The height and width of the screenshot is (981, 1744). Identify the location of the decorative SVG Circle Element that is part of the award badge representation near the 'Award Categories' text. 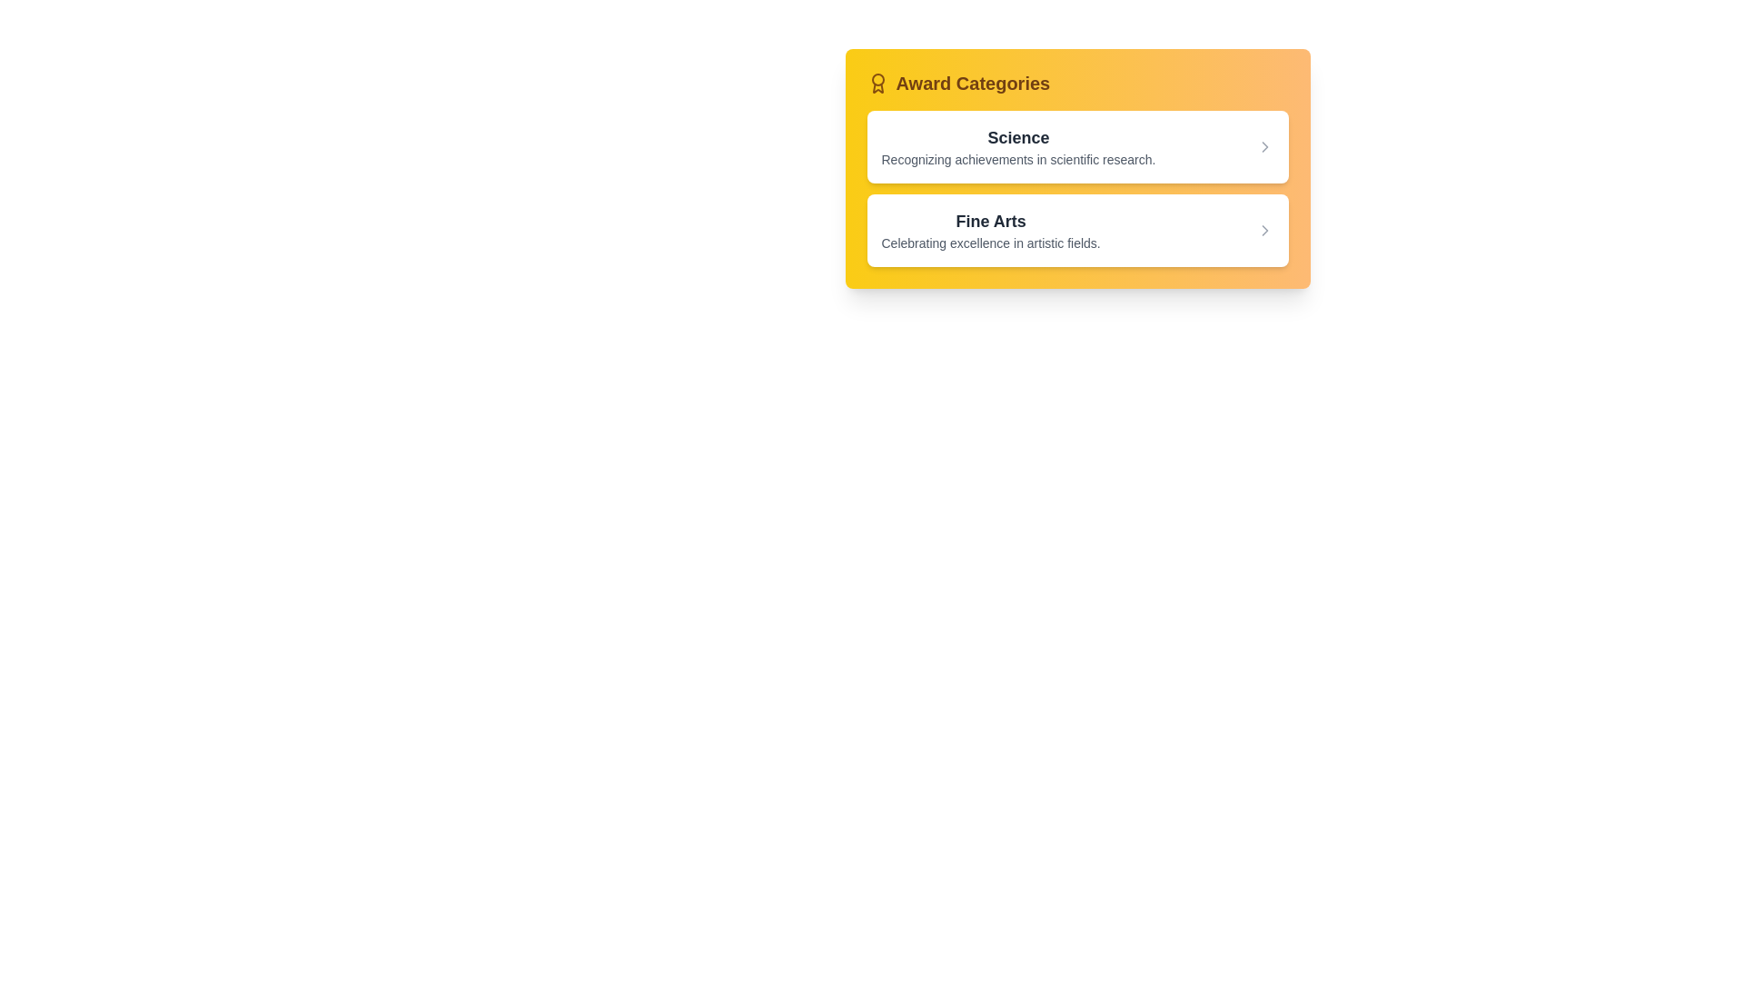
(877, 79).